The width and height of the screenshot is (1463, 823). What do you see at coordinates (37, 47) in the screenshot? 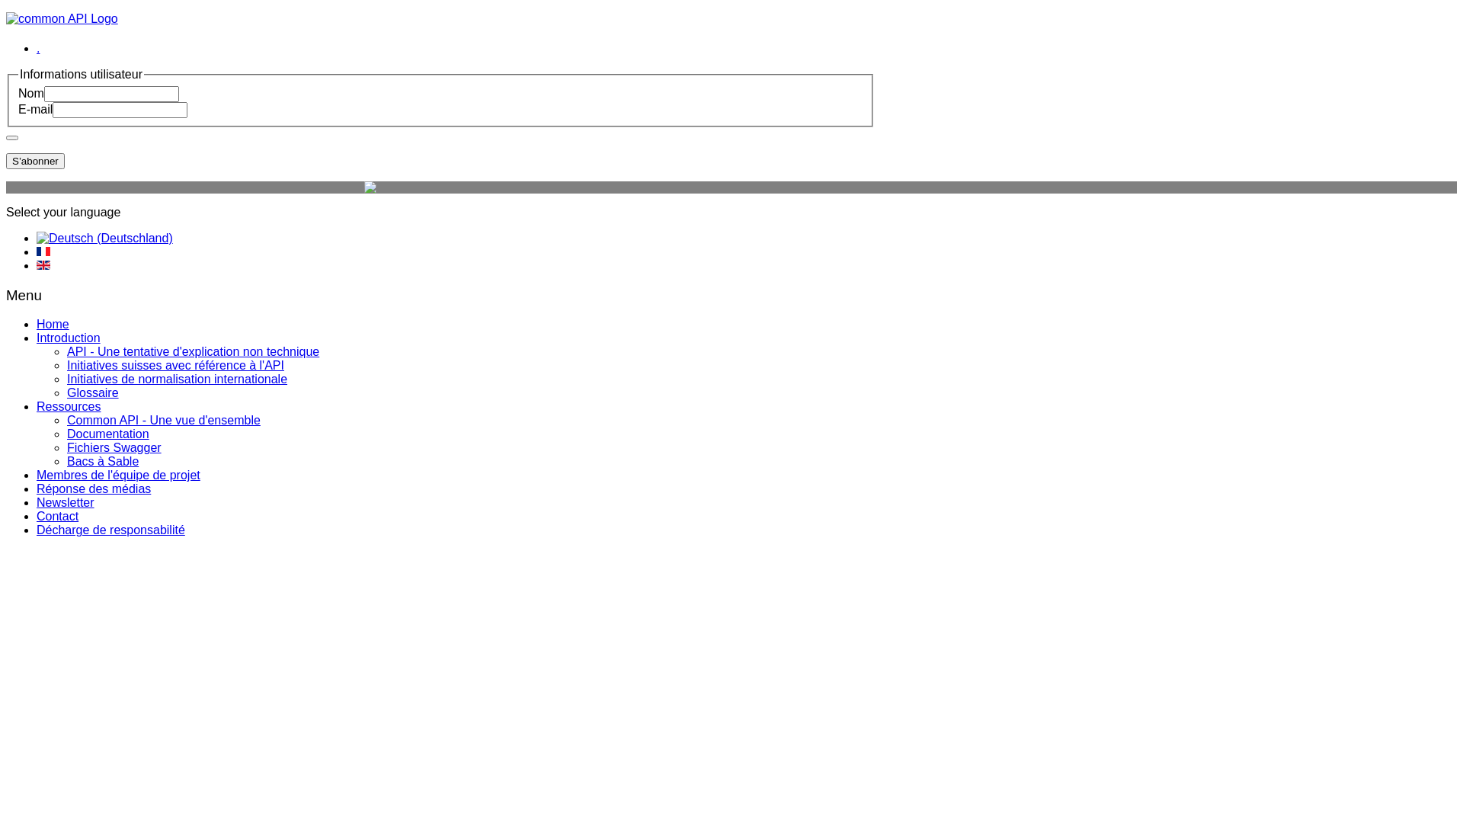
I see `'.'` at bounding box center [37, 47].